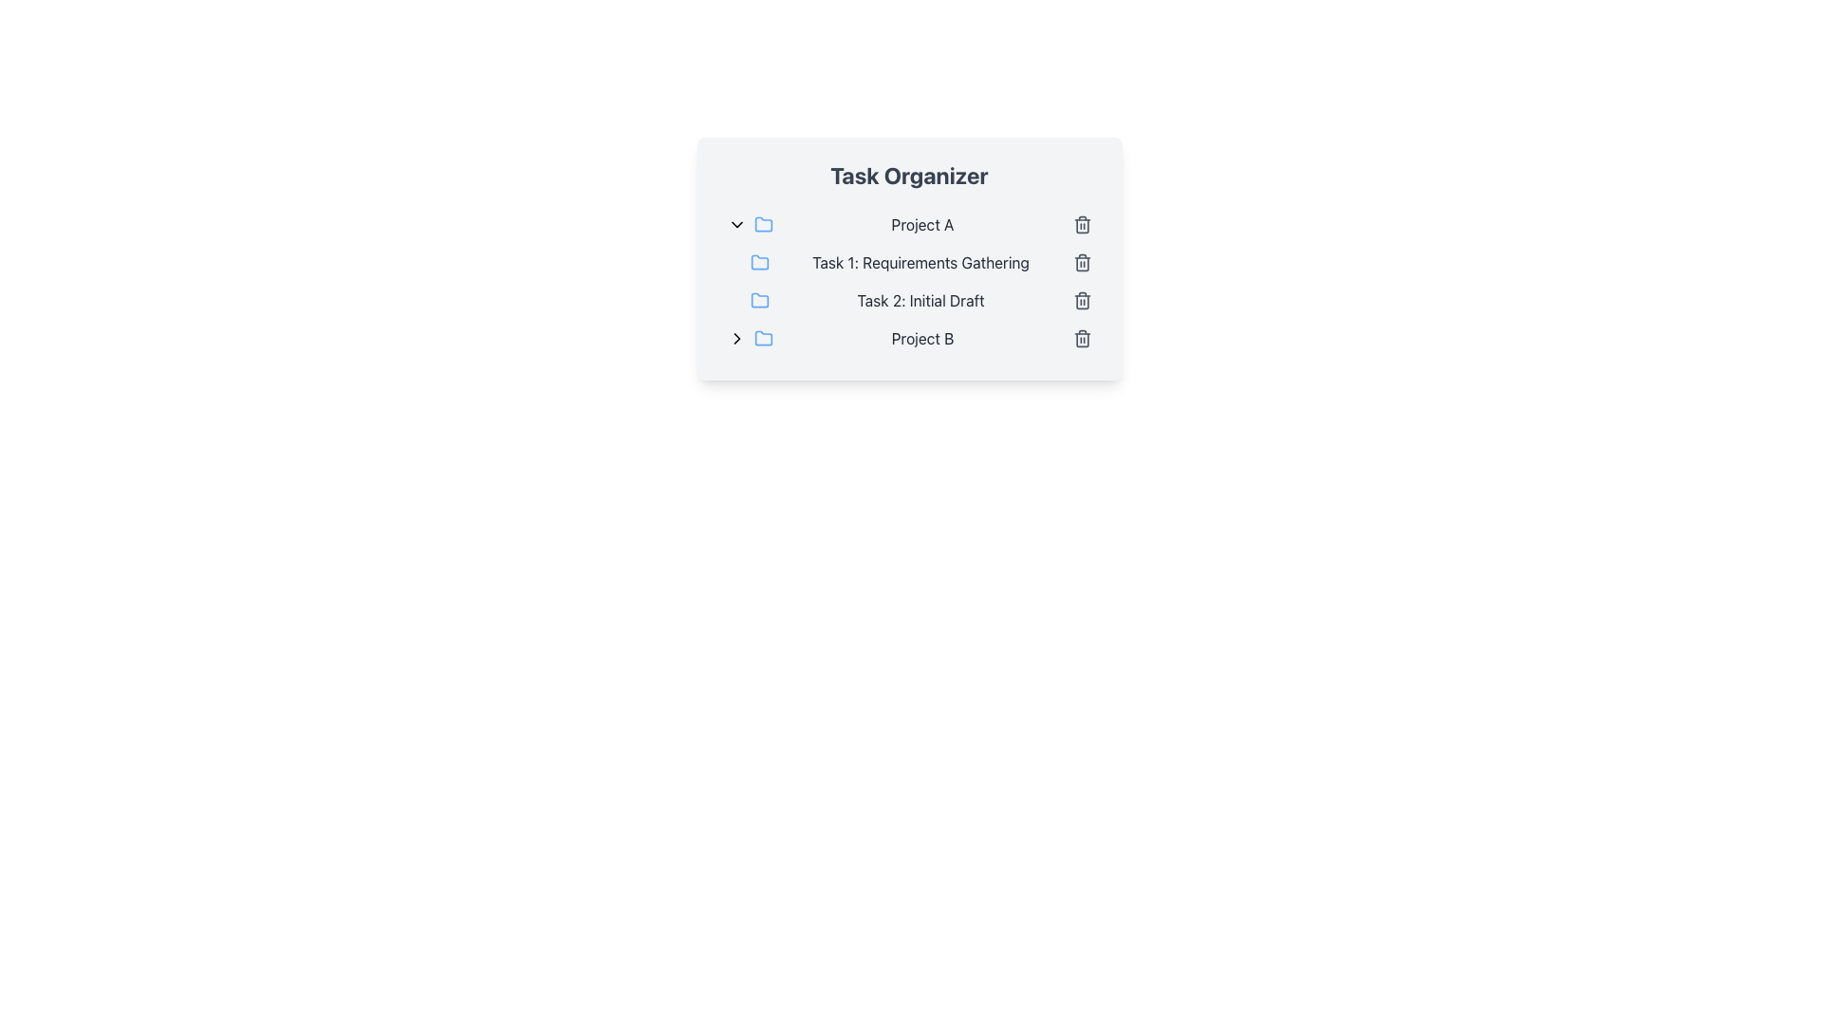 The width and height of the screenshot is (1822, 1025). Describe the element at coordinates (922, 338) in the screenshot. I see `the text label 'Project B' which is styled in dark gray and positioned in the list under 'Task Organizer', located next to a blue folder icon and a trash icon` at that location.